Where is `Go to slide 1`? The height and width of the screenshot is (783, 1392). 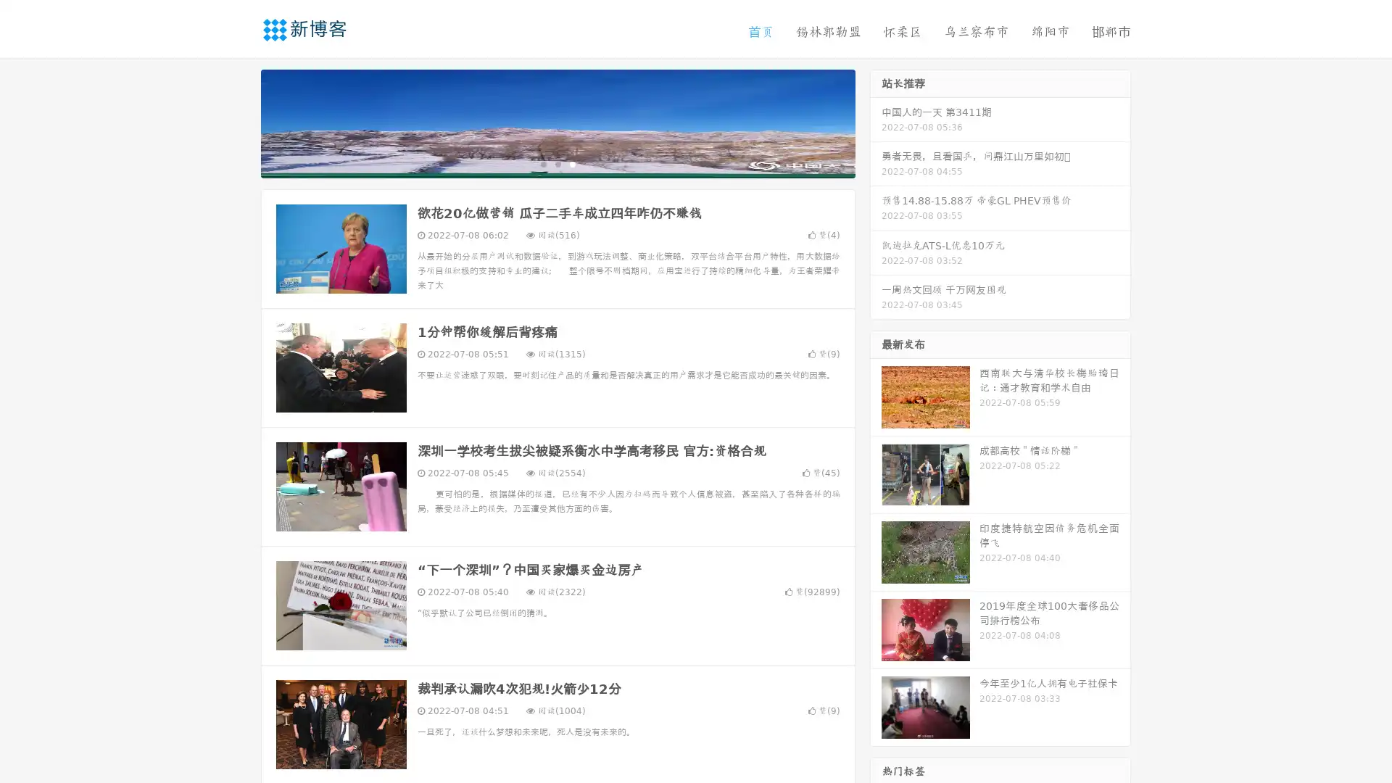
Go to slide 1 is located at coordinates (542, 163).